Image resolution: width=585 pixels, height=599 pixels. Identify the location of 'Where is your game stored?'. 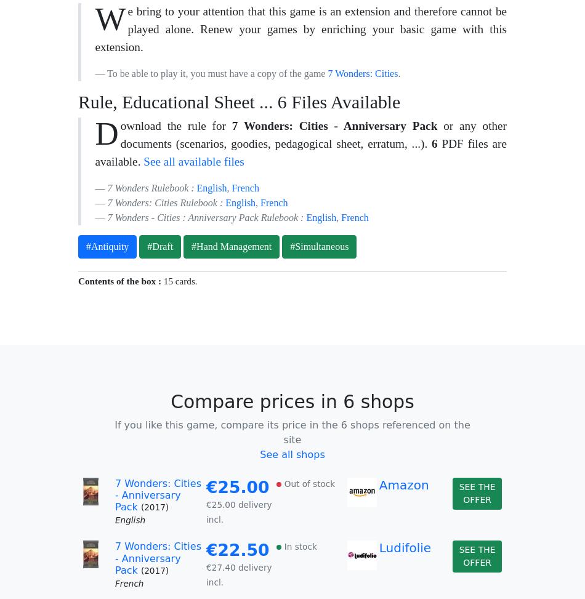
(230, 178).